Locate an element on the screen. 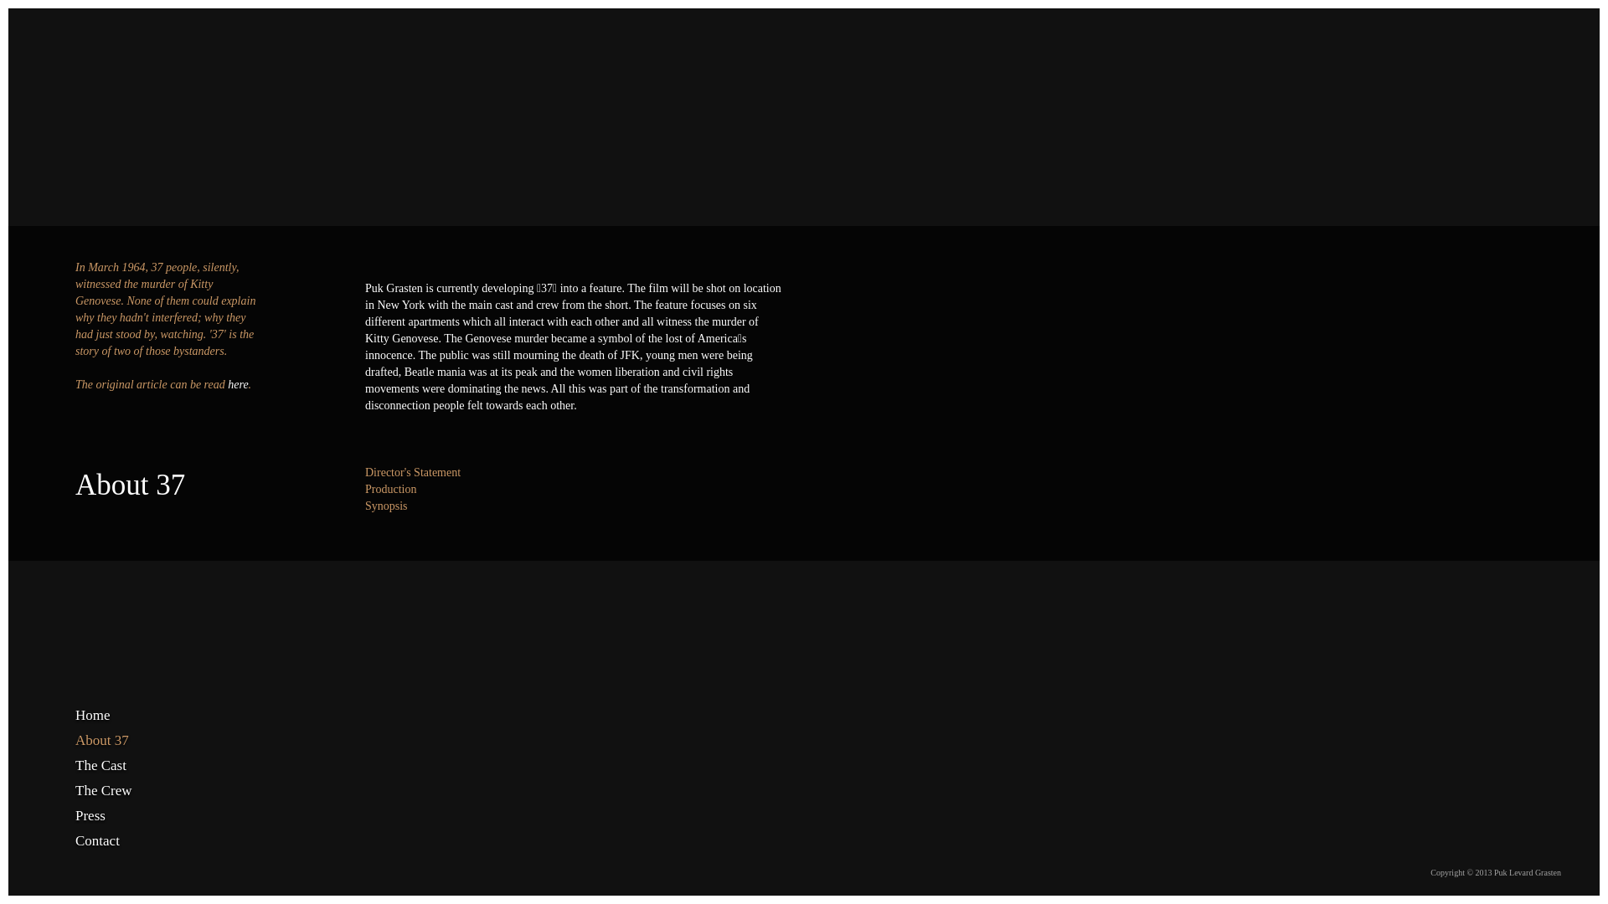 The width and height of the screenshot is (1608, 904). 'About 37' is located at coordinates (120, 739).